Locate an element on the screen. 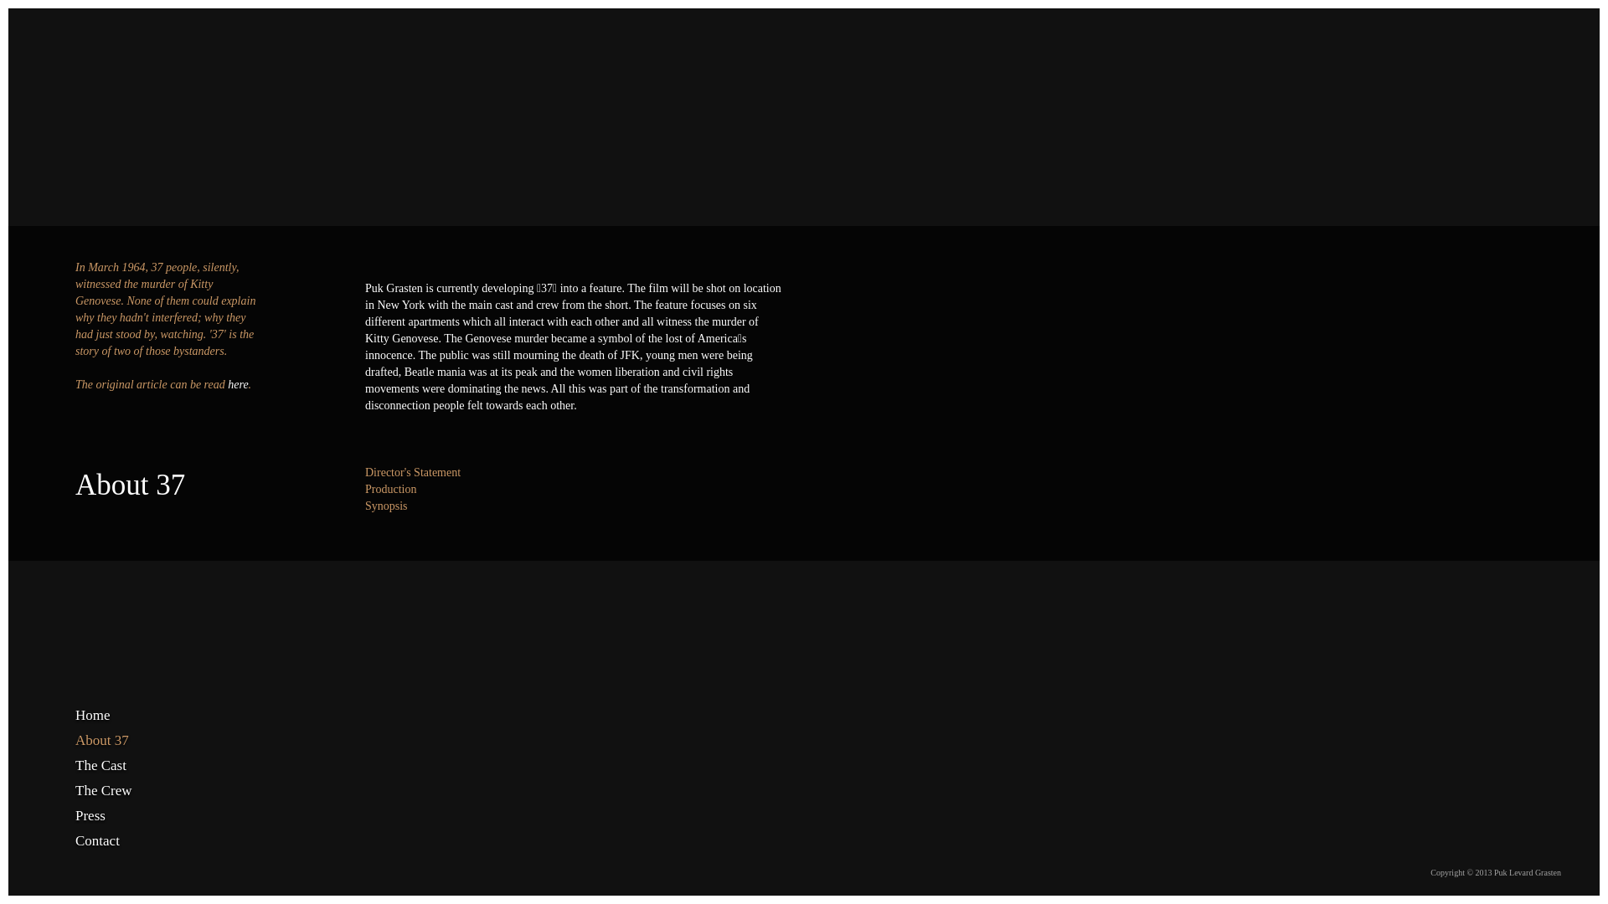 The width and height of the screenshot is (1608, 904). 'About 37' is located at coordinates (120, 739).